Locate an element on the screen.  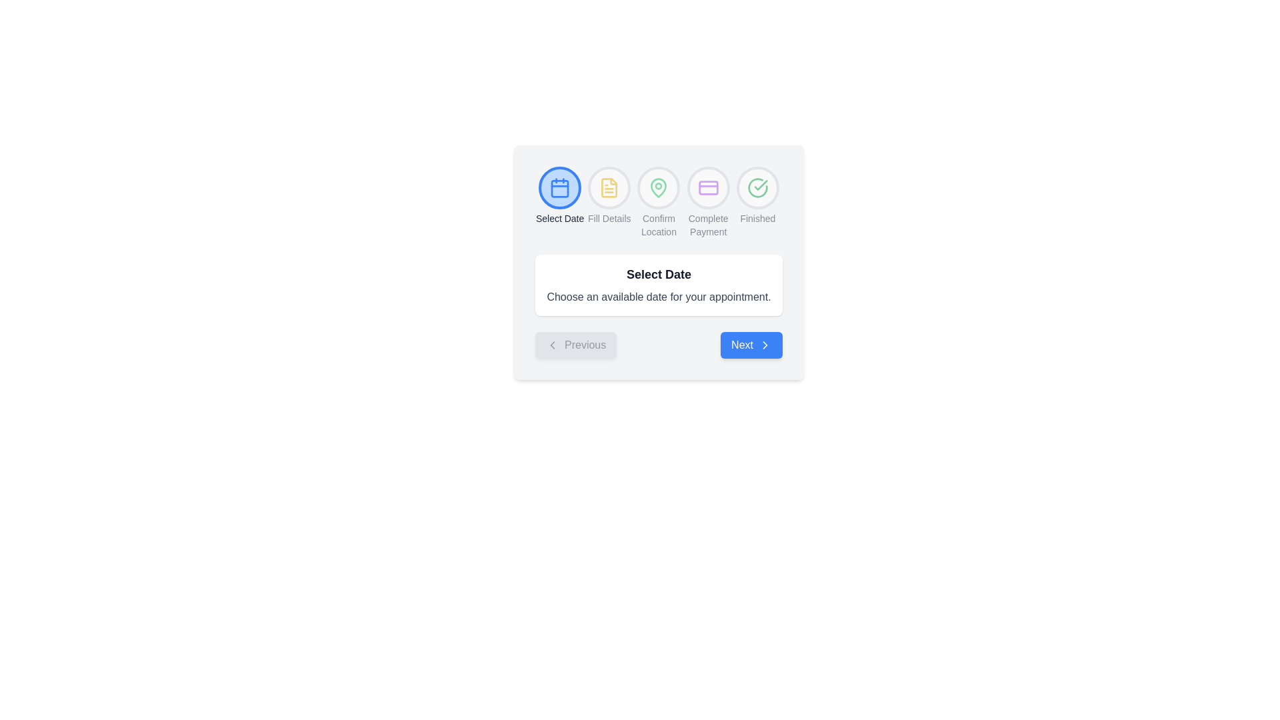
the credit card icon labeled 'Complete Payment', which is depicted as a rectangular shape with rounded corners and a bold purple outline, located fourth from the left in the horizontal group of icons is located at coordinates (707, 187).